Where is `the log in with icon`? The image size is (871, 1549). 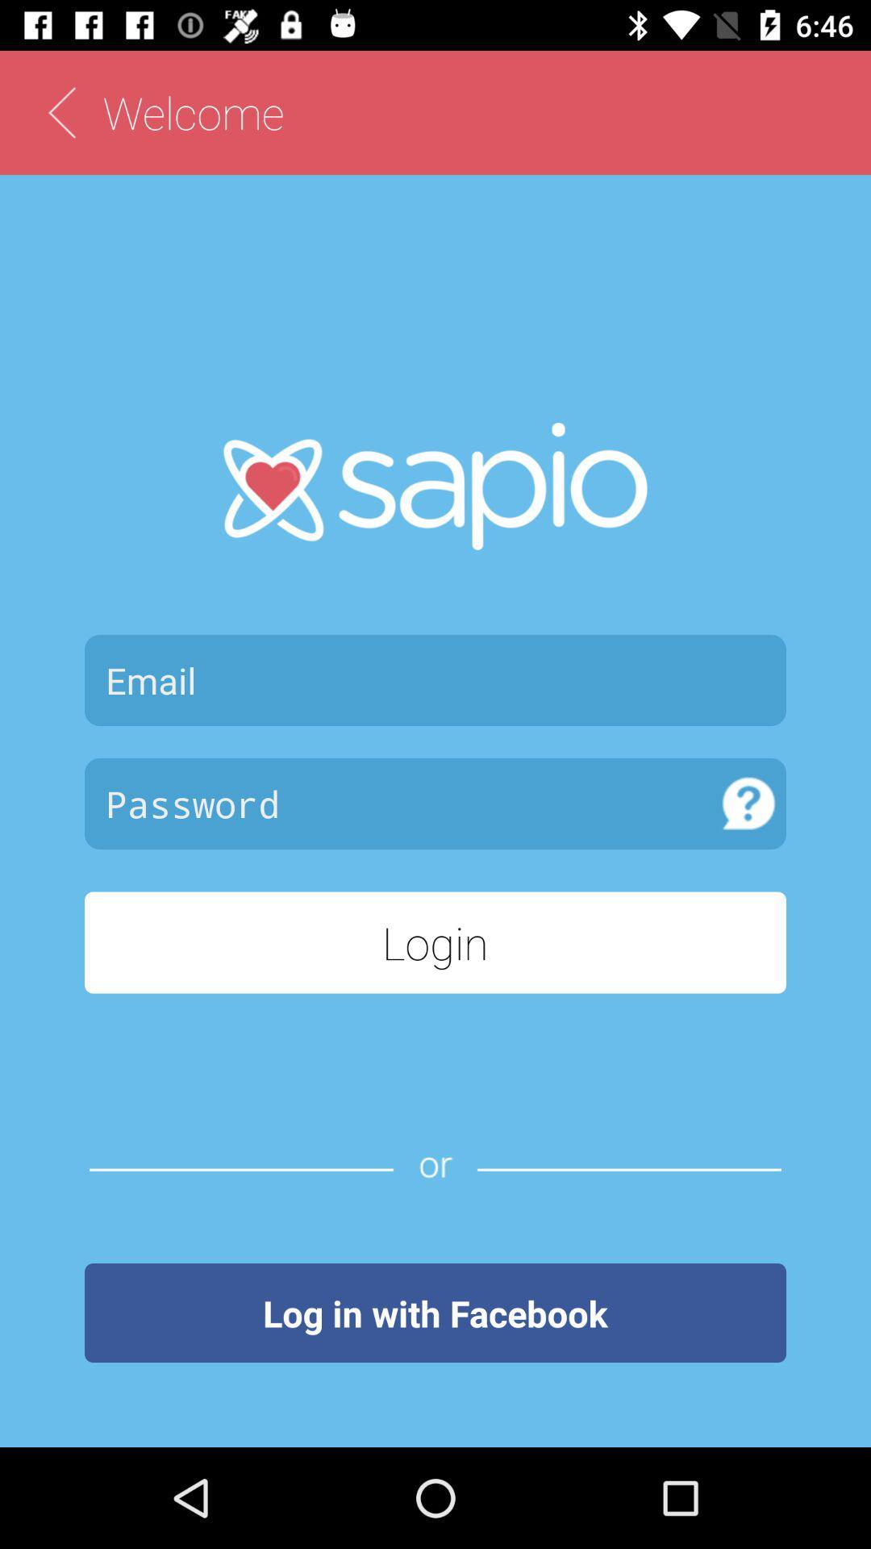
the log in with icon is located at coordinates (435, 1313).